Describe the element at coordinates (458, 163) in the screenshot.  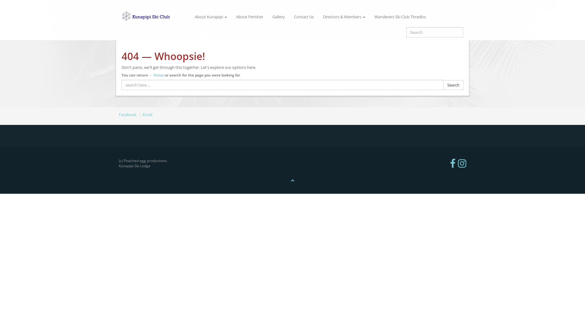
I see `'instagram'` at that location.